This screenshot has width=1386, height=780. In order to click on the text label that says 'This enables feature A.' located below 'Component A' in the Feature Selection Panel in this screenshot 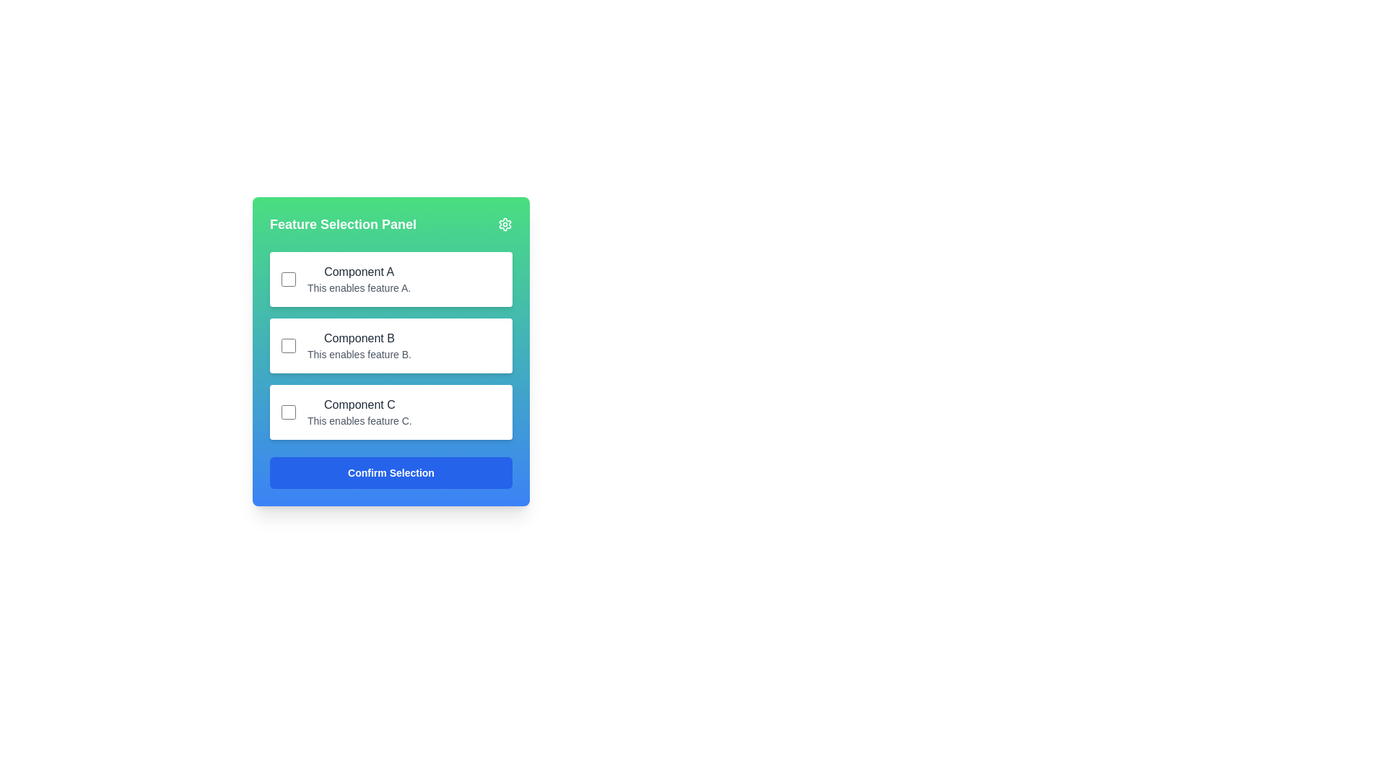, I will do `click(359, 287)`.